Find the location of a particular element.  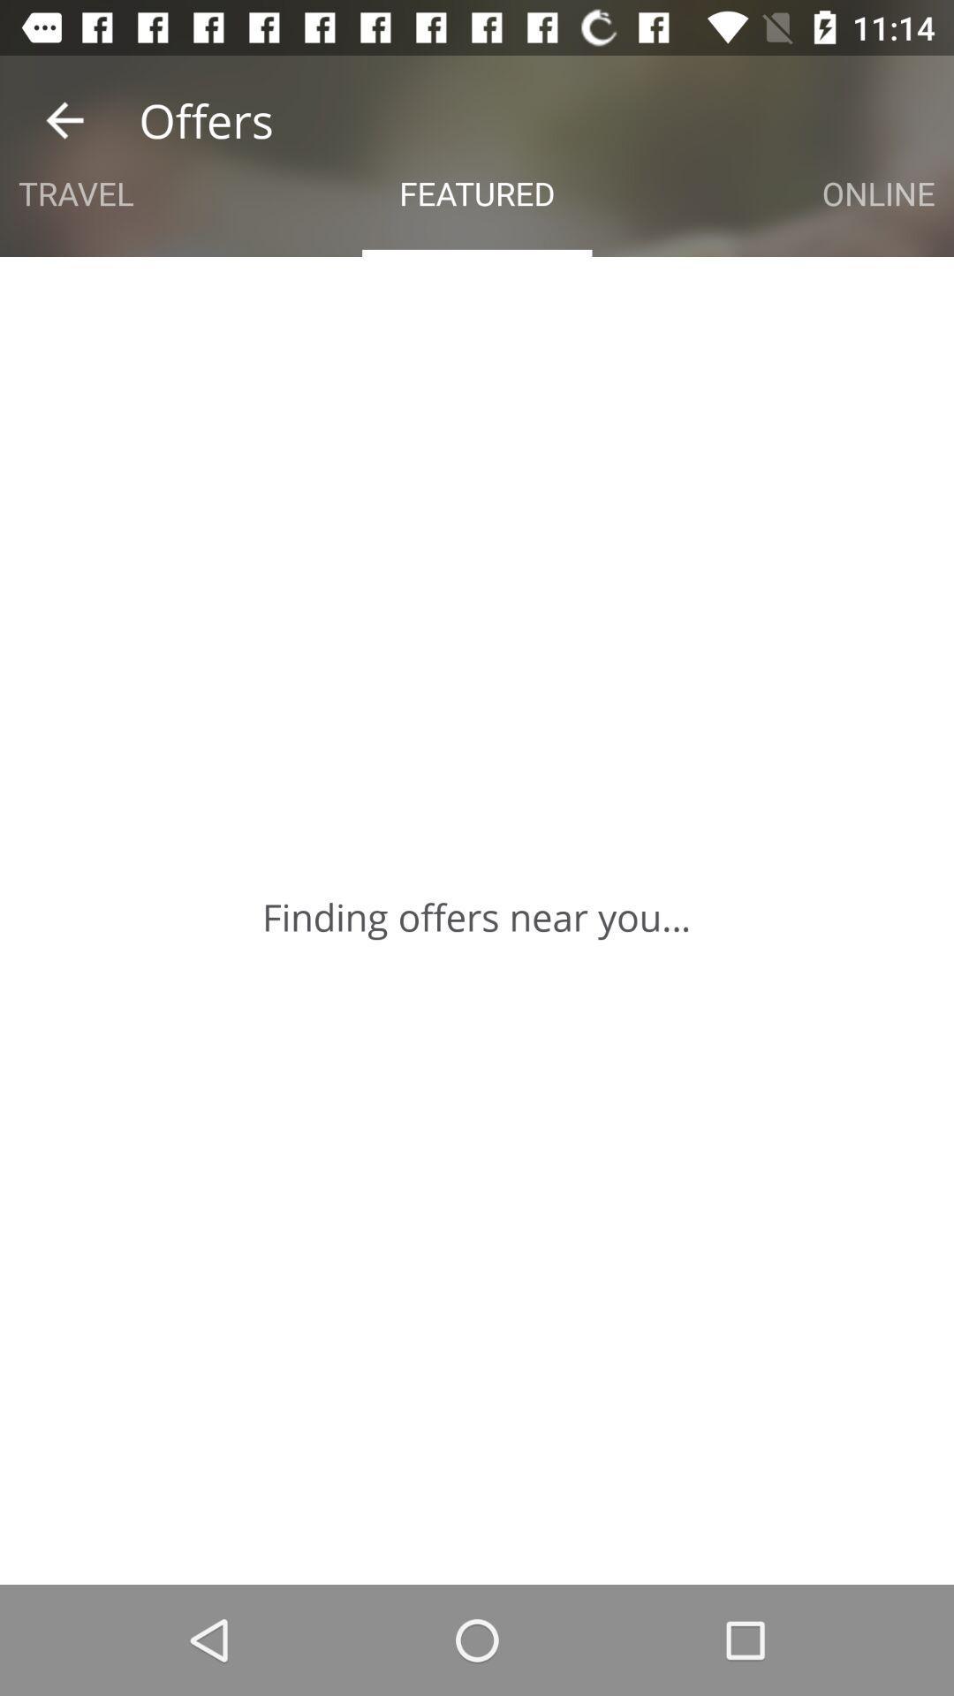

the item next to the featured icon is located at coordinates (878, 193).